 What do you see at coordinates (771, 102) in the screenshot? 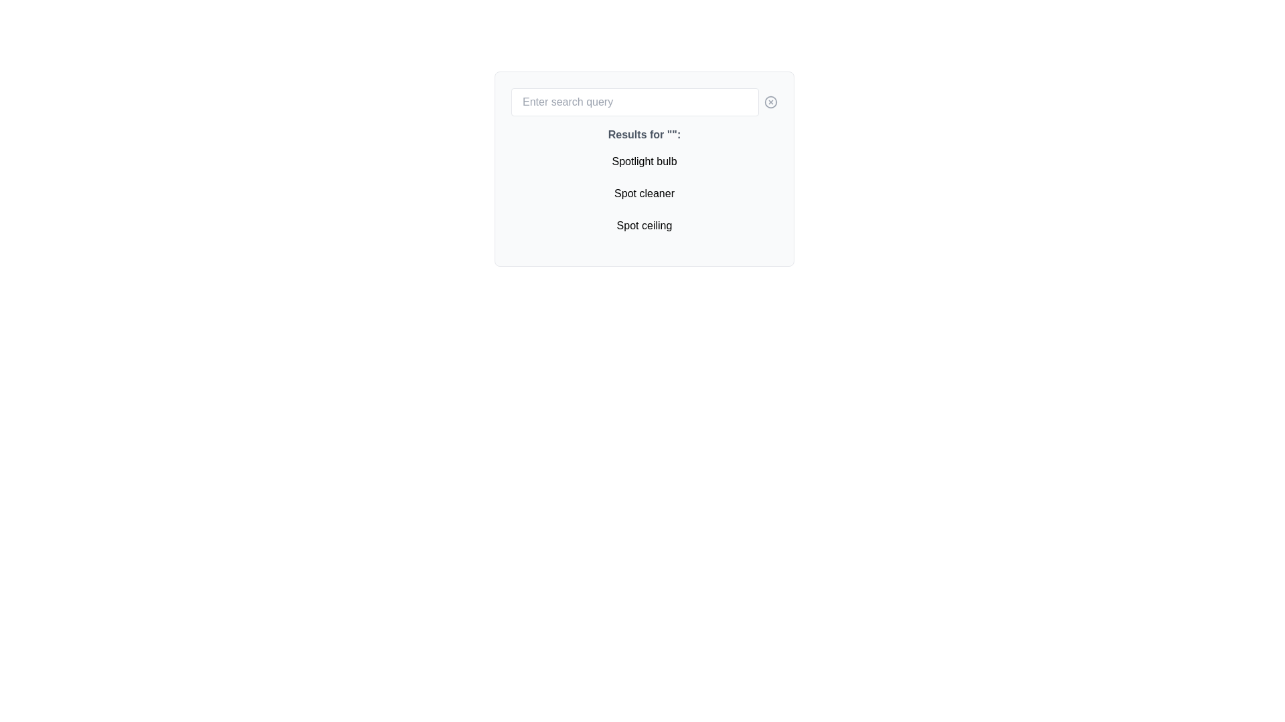
I see `the small circular button with an 'x' mark in its center, which is styled in gray and located to the right of the text input field, to clear the text field` at bounding box center [771, 102].